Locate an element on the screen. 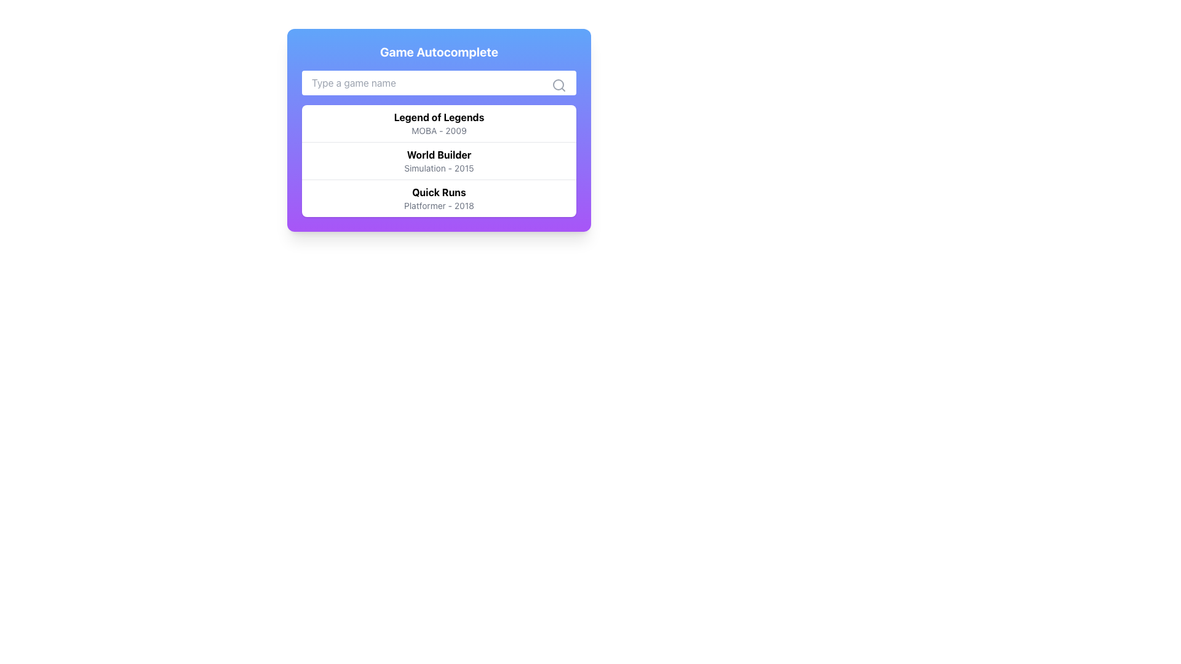  the list item option for 'Quick Runs', which is the third entry in the dropdown list is located at coordinates (439, 197).